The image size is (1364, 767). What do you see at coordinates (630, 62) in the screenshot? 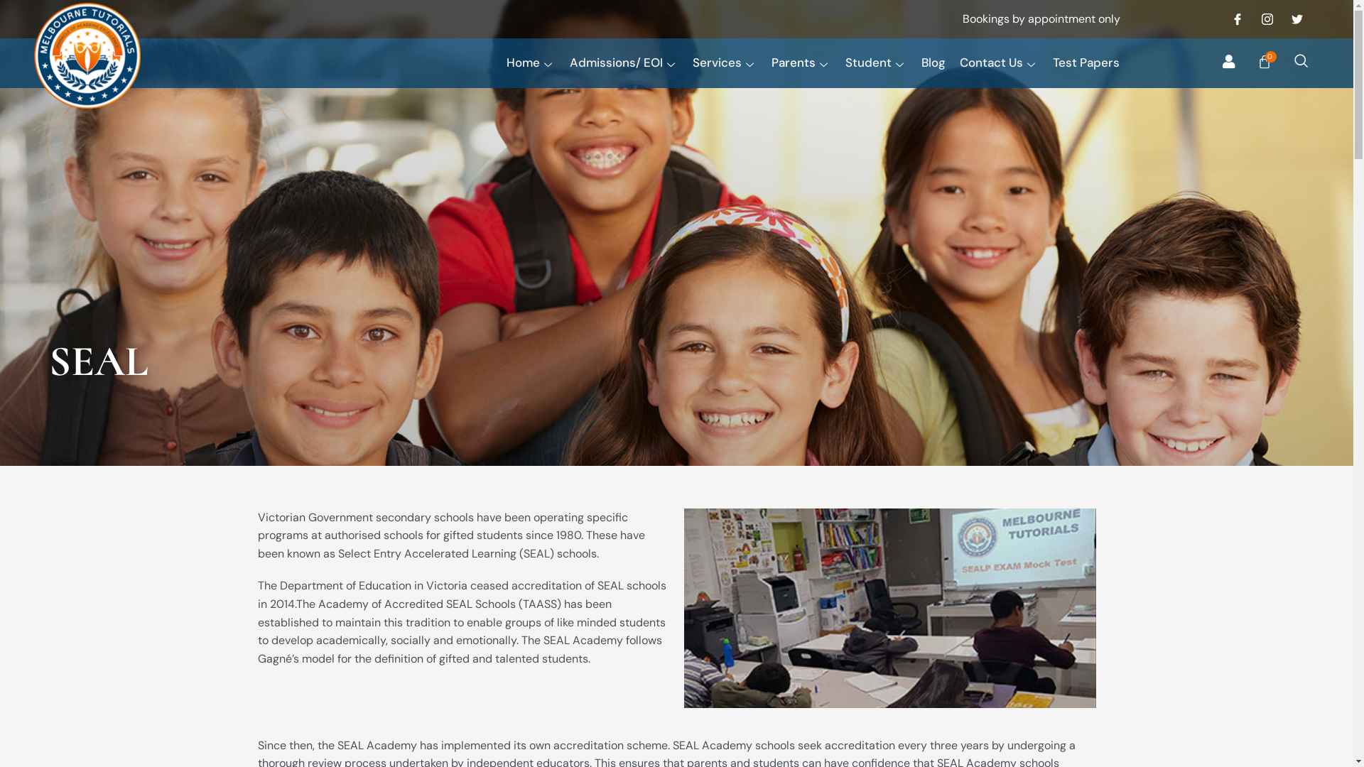
I see `'Admissions/ EOI'` at bounding box center [630, 62].